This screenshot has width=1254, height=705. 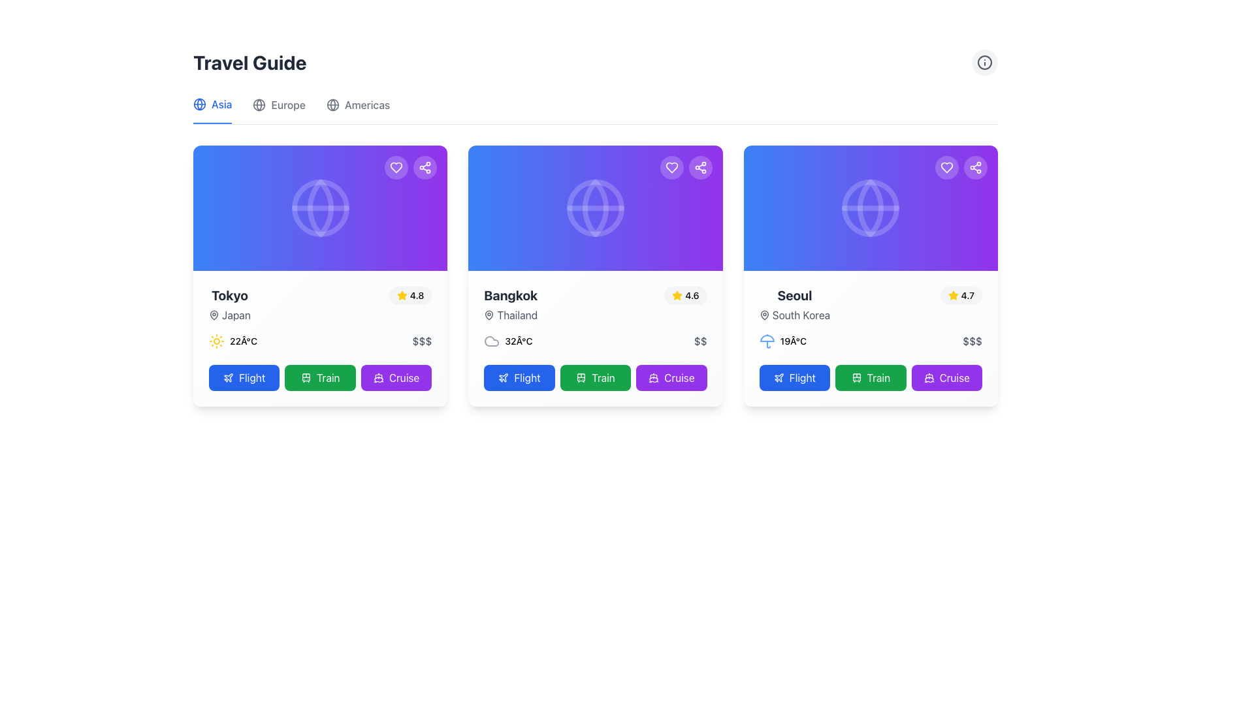 What do you see at coordinates (305, 377) in the screenshot?
I see `the tram front SVG icon located at the start of the green button labeled 'Train' in the bottom button row of the 'Tokyo' card` at bounding box center [305, 377].